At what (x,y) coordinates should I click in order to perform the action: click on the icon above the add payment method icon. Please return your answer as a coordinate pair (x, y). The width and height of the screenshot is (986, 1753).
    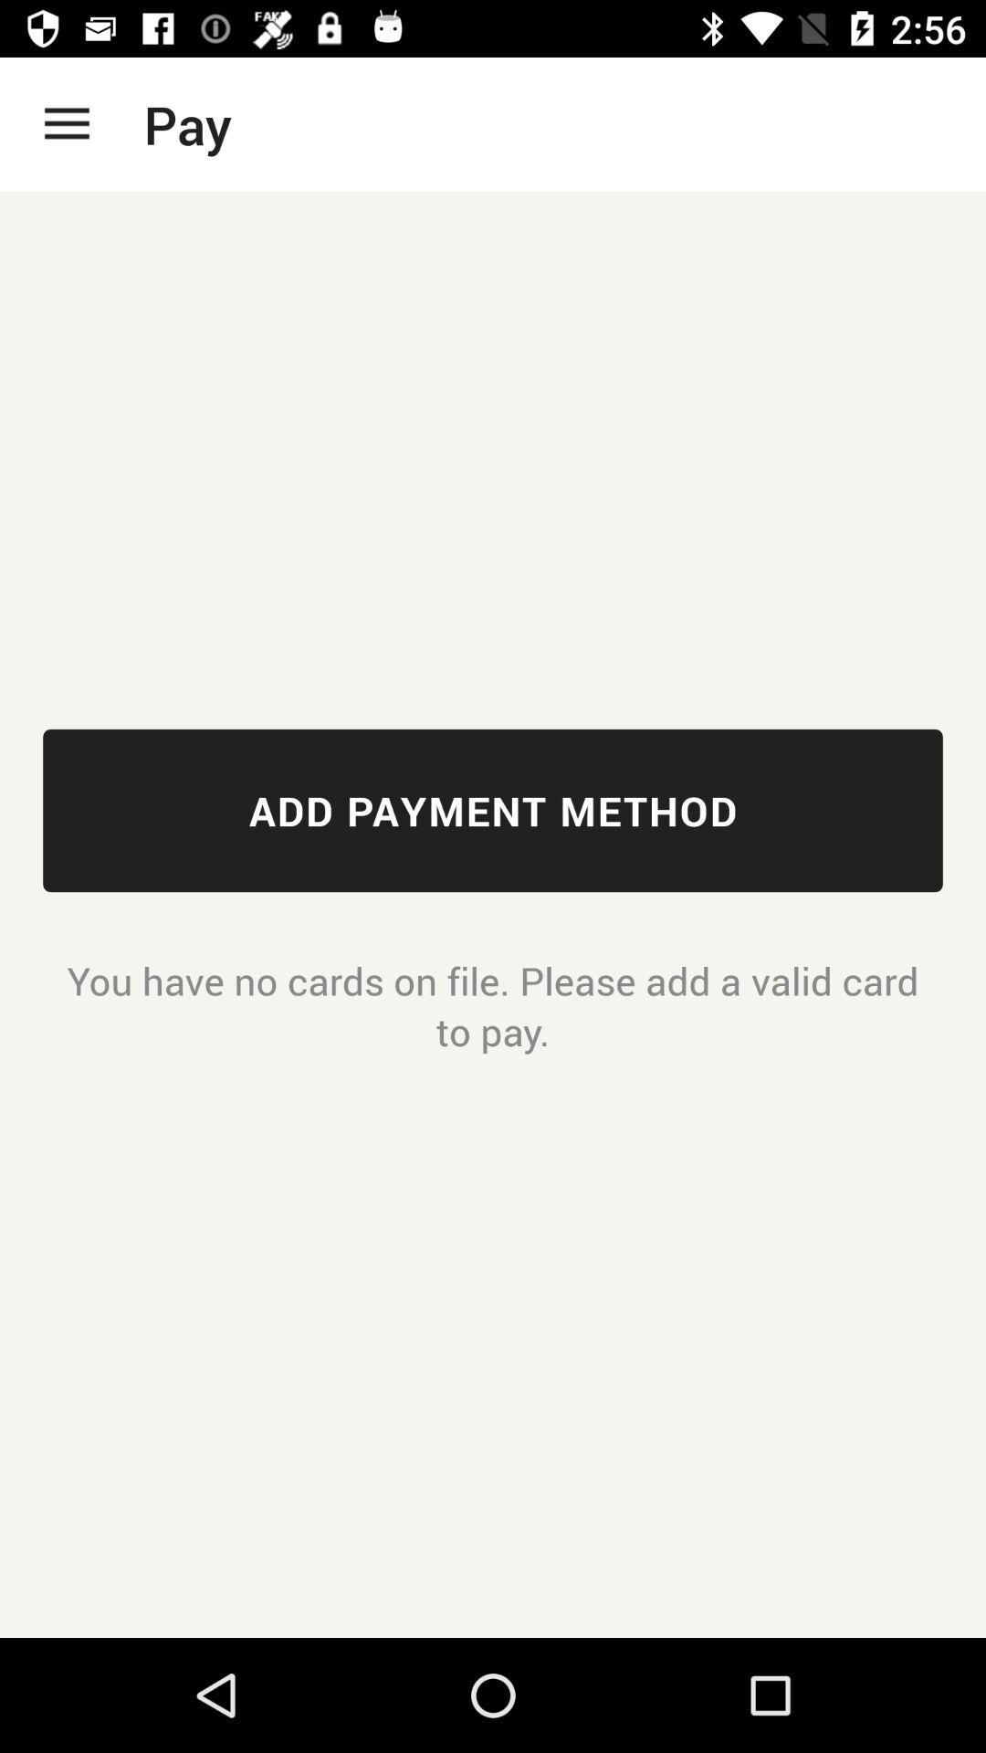
    Looking at the image, I should click on (66, 123).